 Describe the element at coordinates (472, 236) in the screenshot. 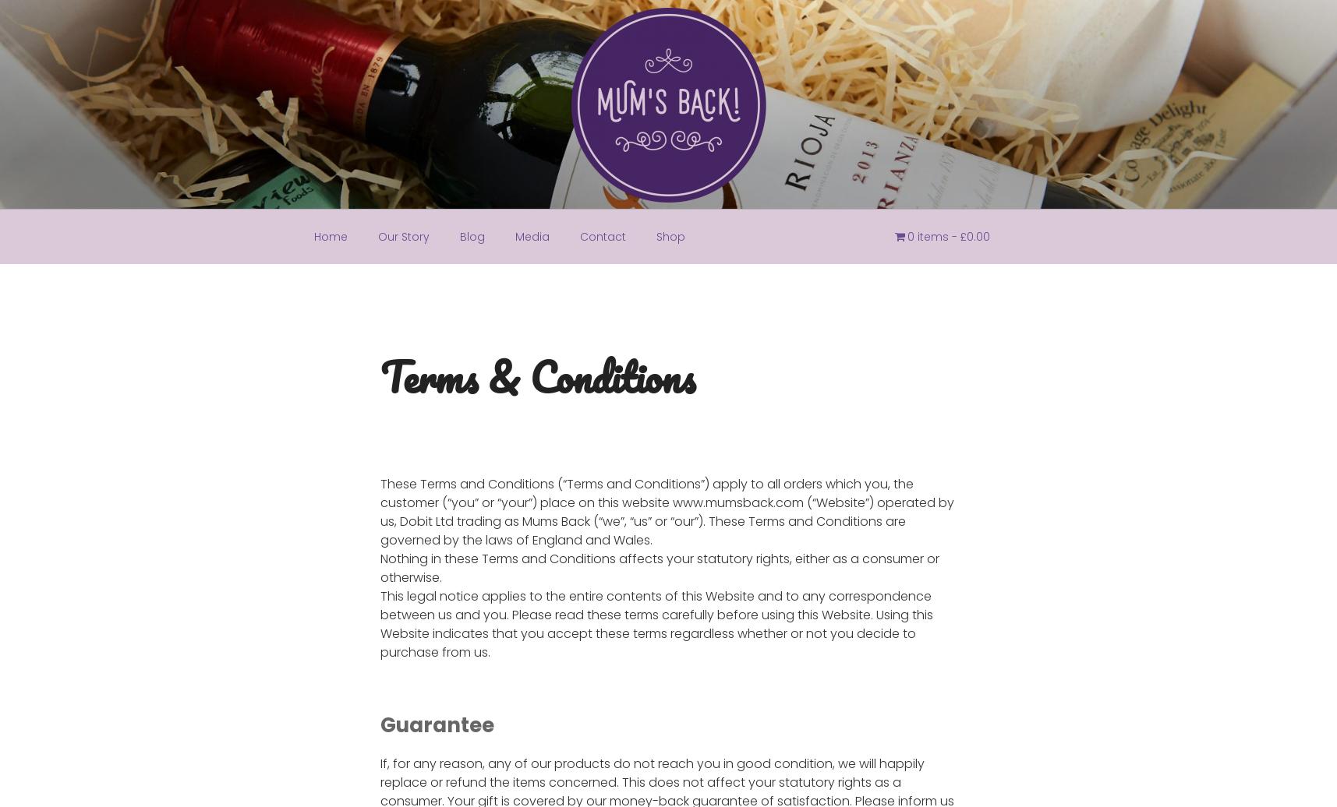

I see `'Blog'` at that location.